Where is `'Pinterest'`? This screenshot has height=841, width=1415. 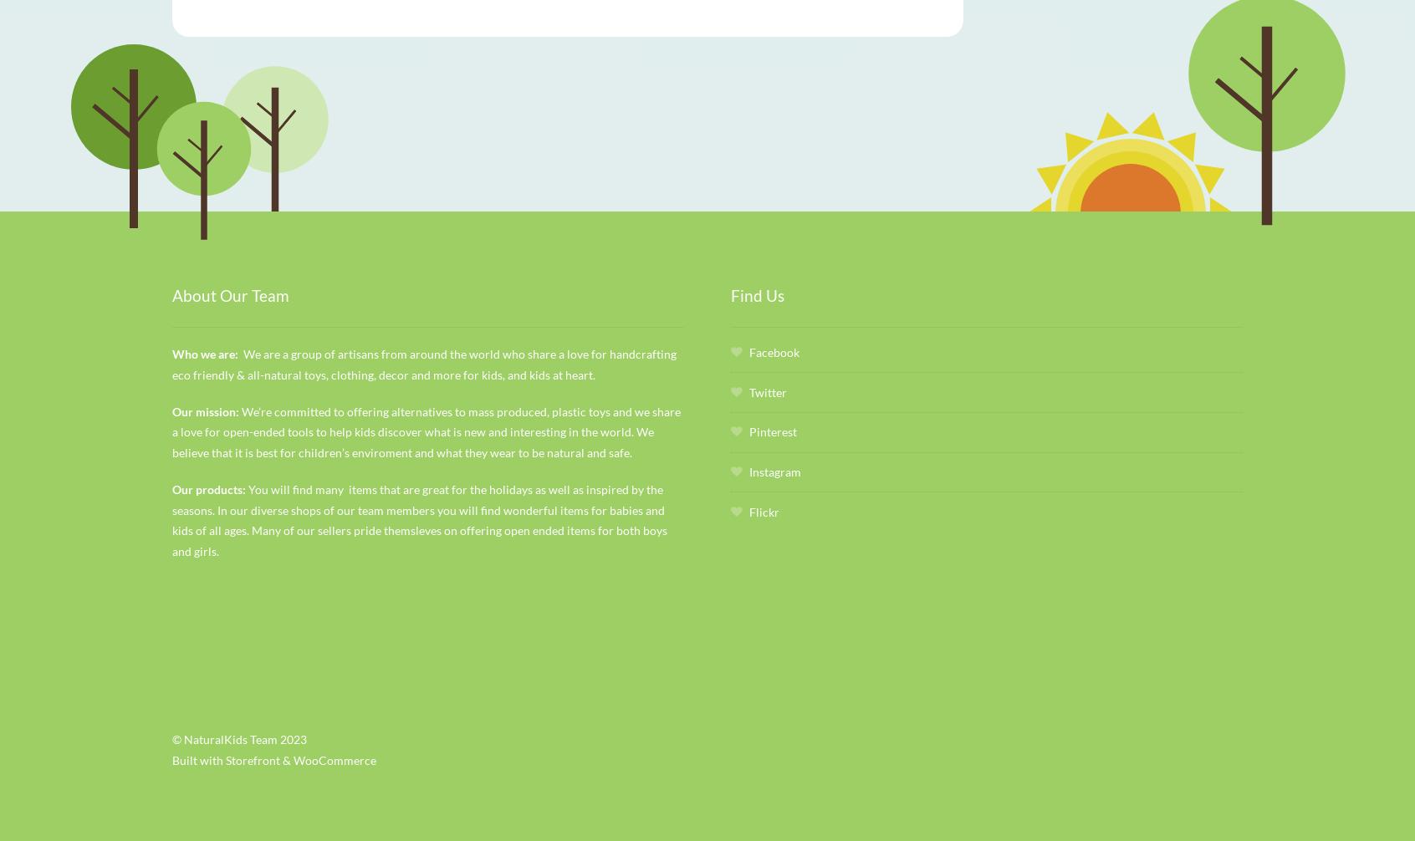
'Pinterest' is located at coordinates (773, 431).